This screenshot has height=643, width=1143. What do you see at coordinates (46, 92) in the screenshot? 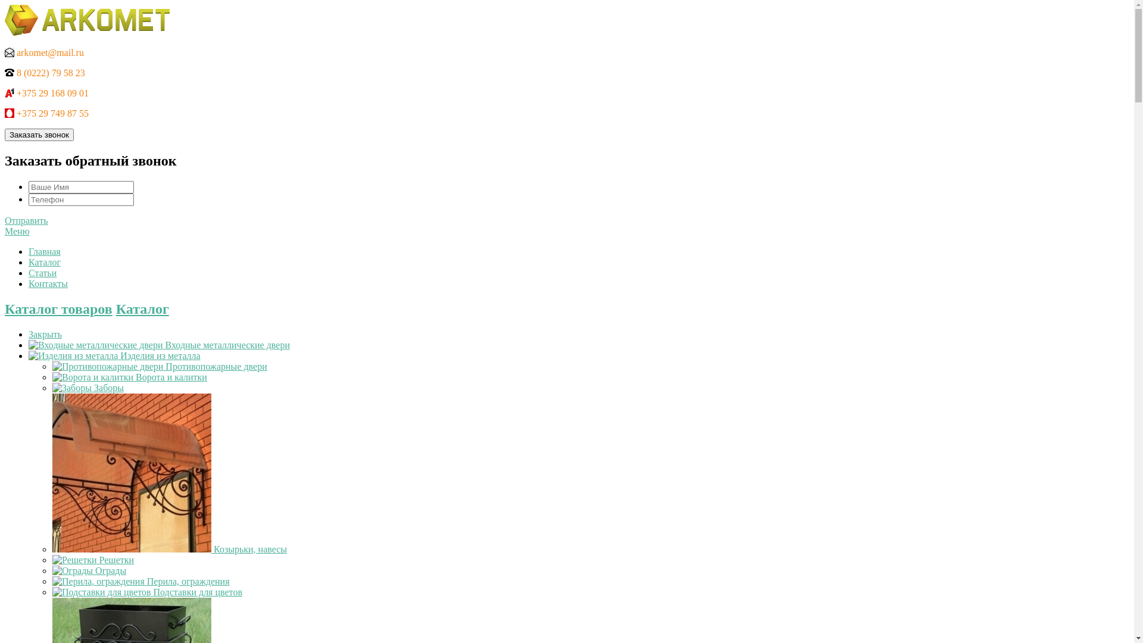
I see `'+375 29 168 09 01'` at bounding box center [46, 92].